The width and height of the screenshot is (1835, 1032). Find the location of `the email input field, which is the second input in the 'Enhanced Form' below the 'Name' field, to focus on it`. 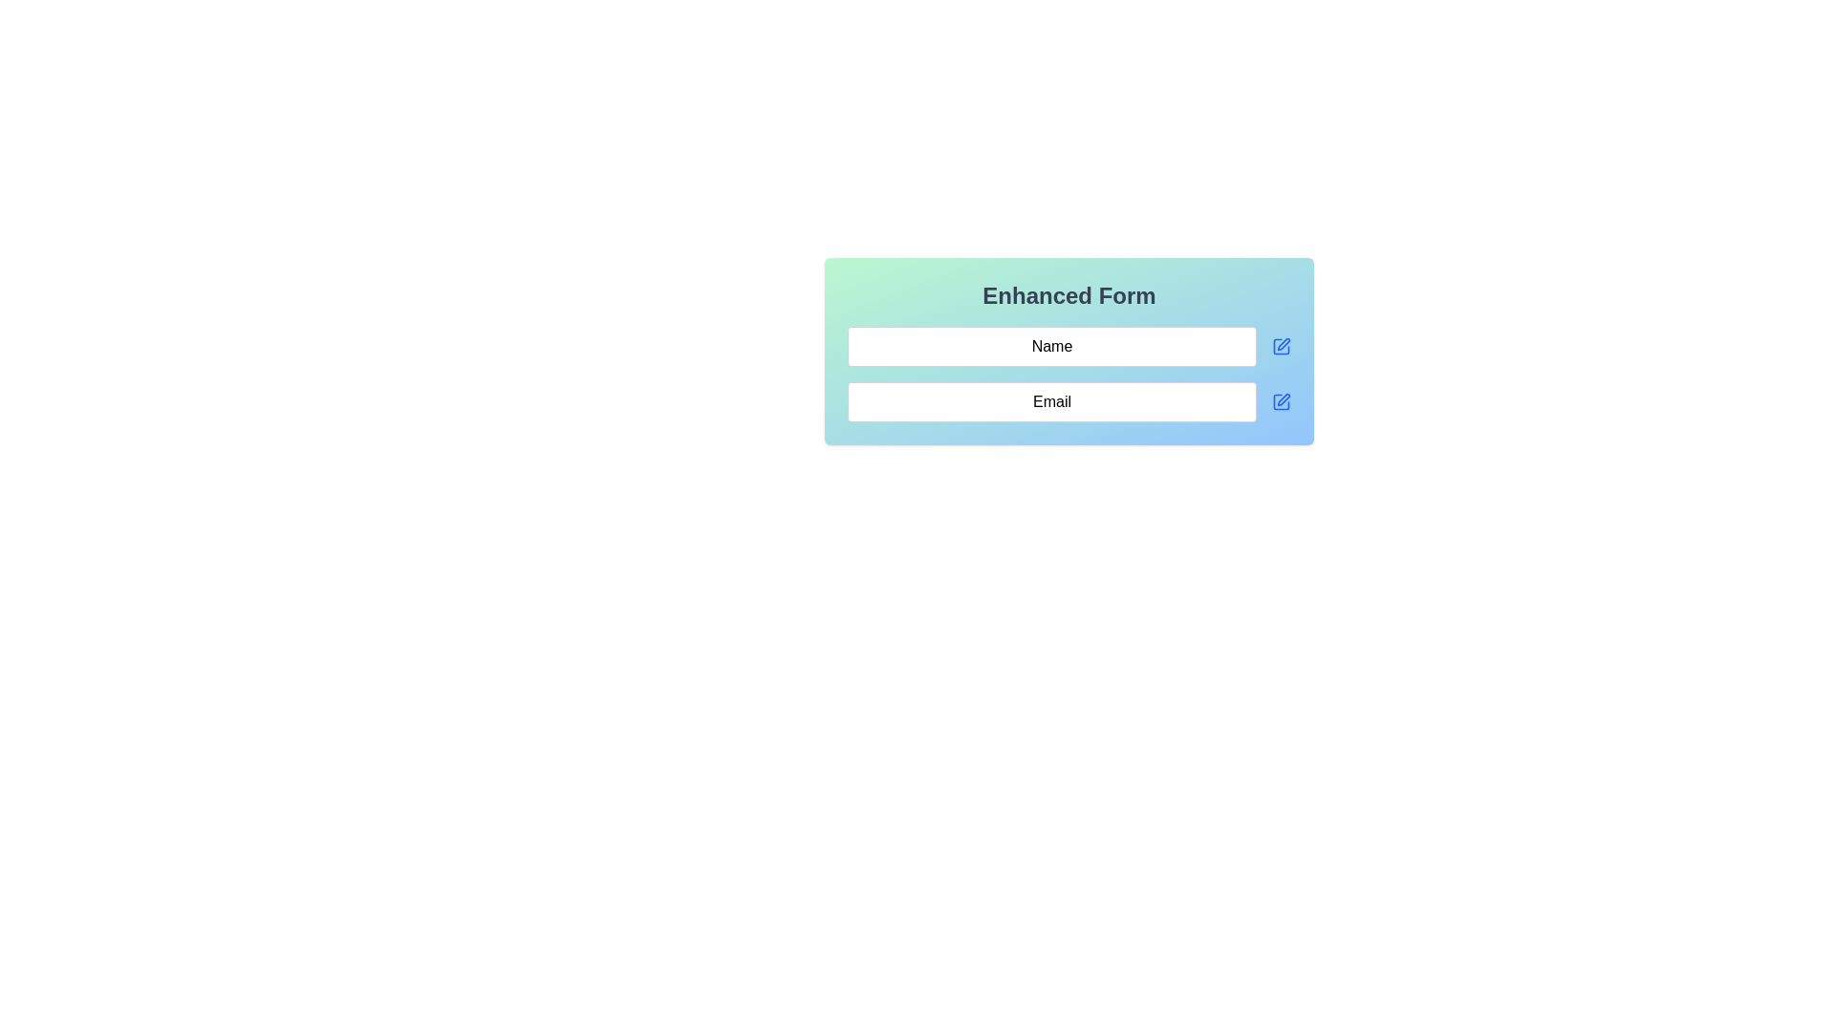

the email input field, which is the second input in the 'Enhanced Form' below the 'Name' field, to focus on it is located at coordinates (1068, 400).